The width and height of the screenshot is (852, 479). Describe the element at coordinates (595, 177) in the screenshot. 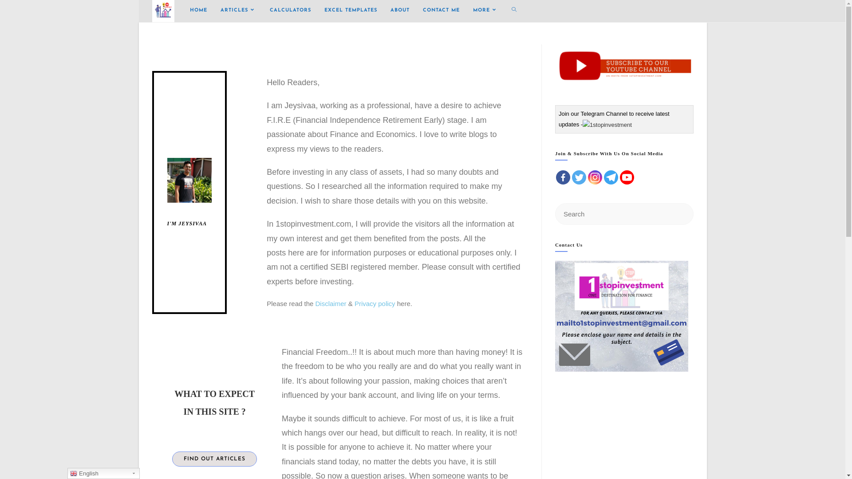

I see `'Instagram'` at that location.